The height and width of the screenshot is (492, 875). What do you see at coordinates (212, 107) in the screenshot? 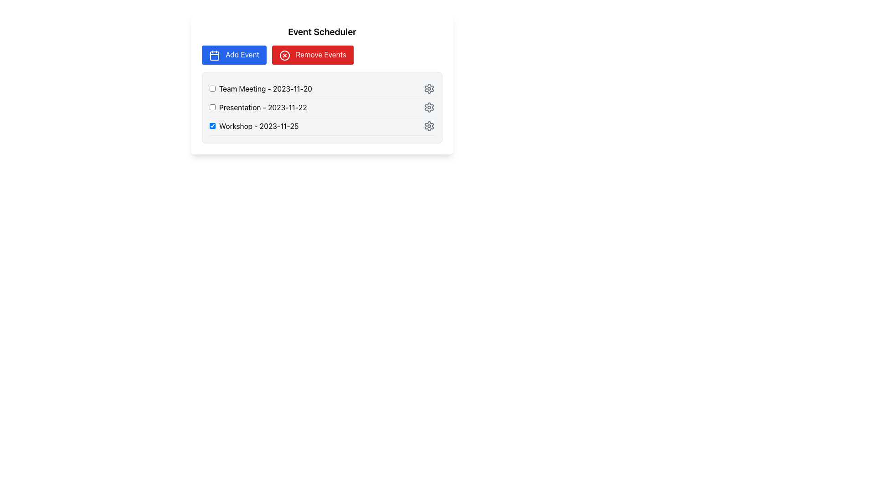
I see `the checkbox for the event 'Presentation - 2023-11-22', which is positioned as the first component in the list item, aligned with the event label text` at bounding box center [212, 107].